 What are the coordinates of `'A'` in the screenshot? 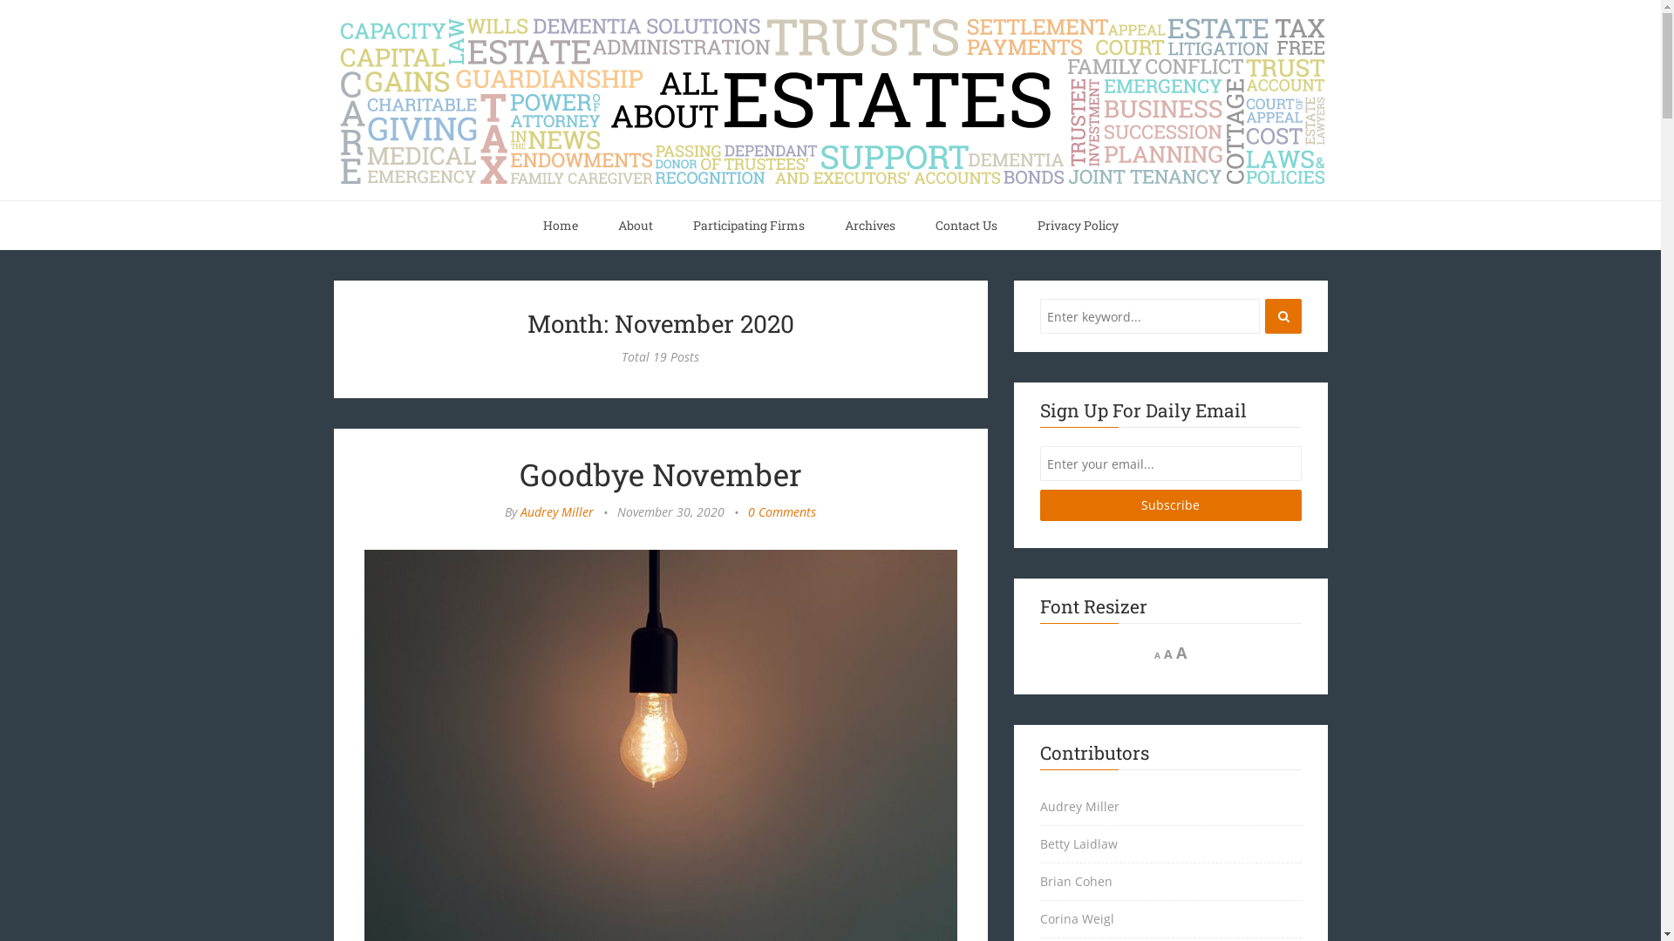 It's located at (1181, 652).